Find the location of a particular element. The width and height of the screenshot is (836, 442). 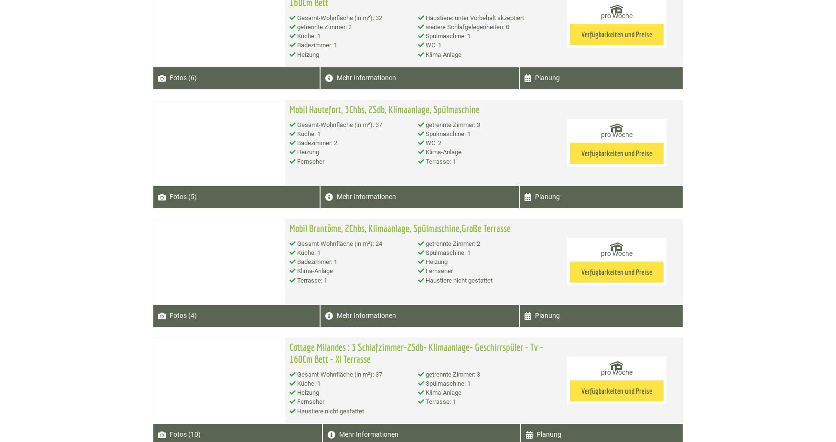

'Mobil  Hautefort, 3Chbs, 2Sdb, Klimaanlage, Spülmaschine' is located at coordinates (289, 108).